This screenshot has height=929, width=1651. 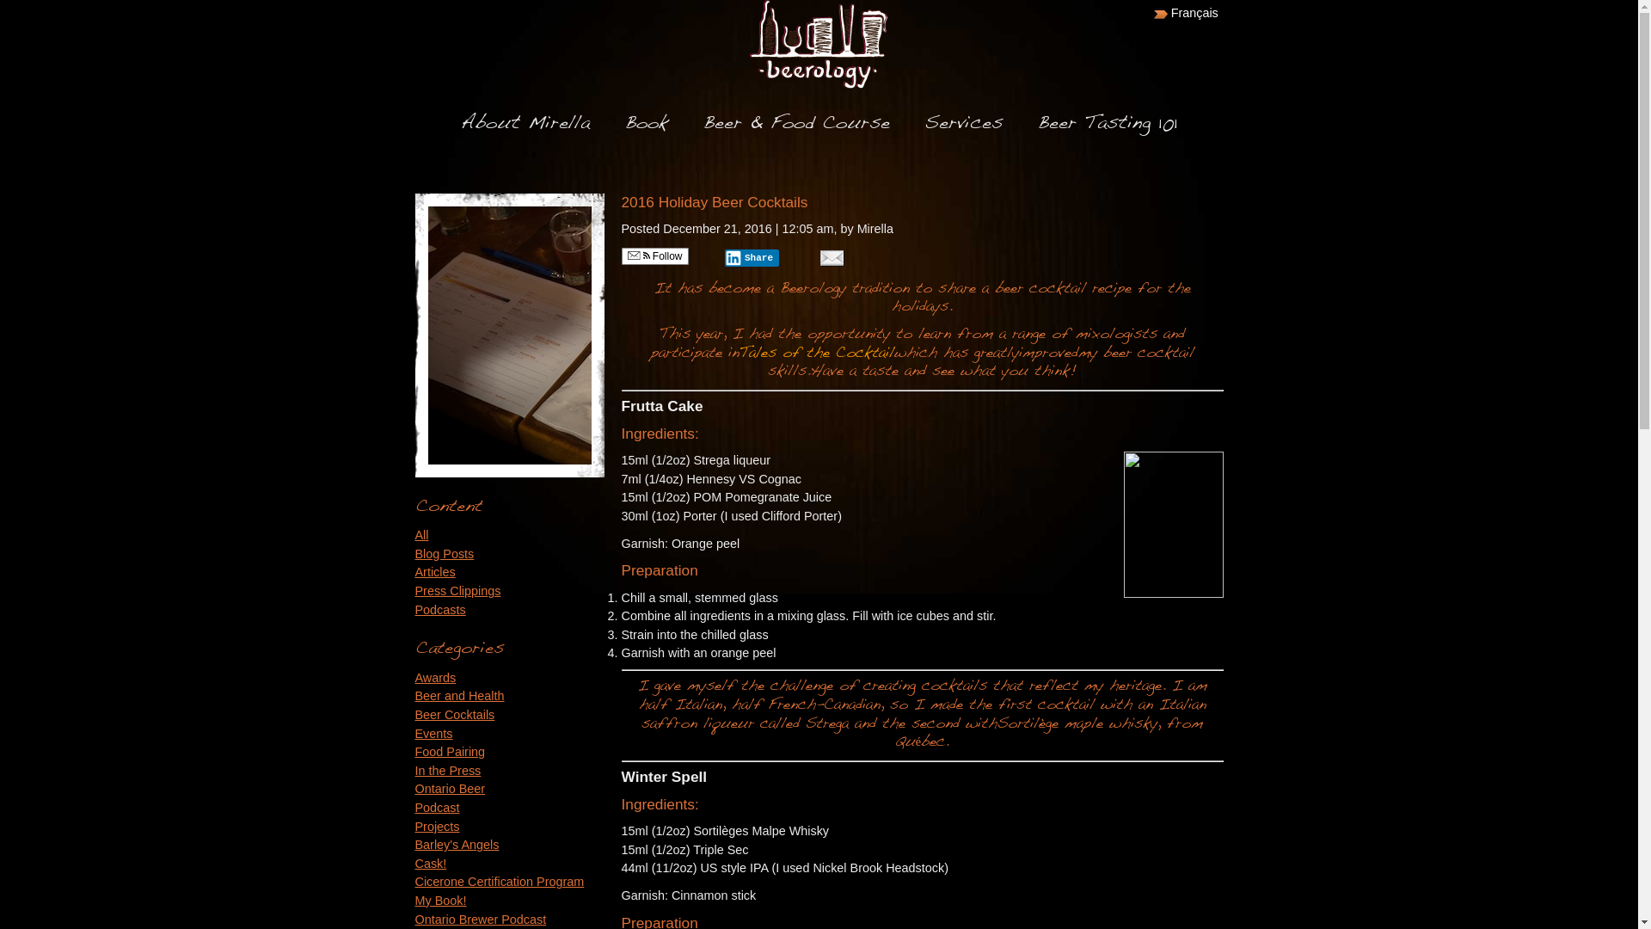 What do you see at coordinates (450, 789) in the screenshot?
I see `'Ontario Beer'` at bounding box center [450, 789].